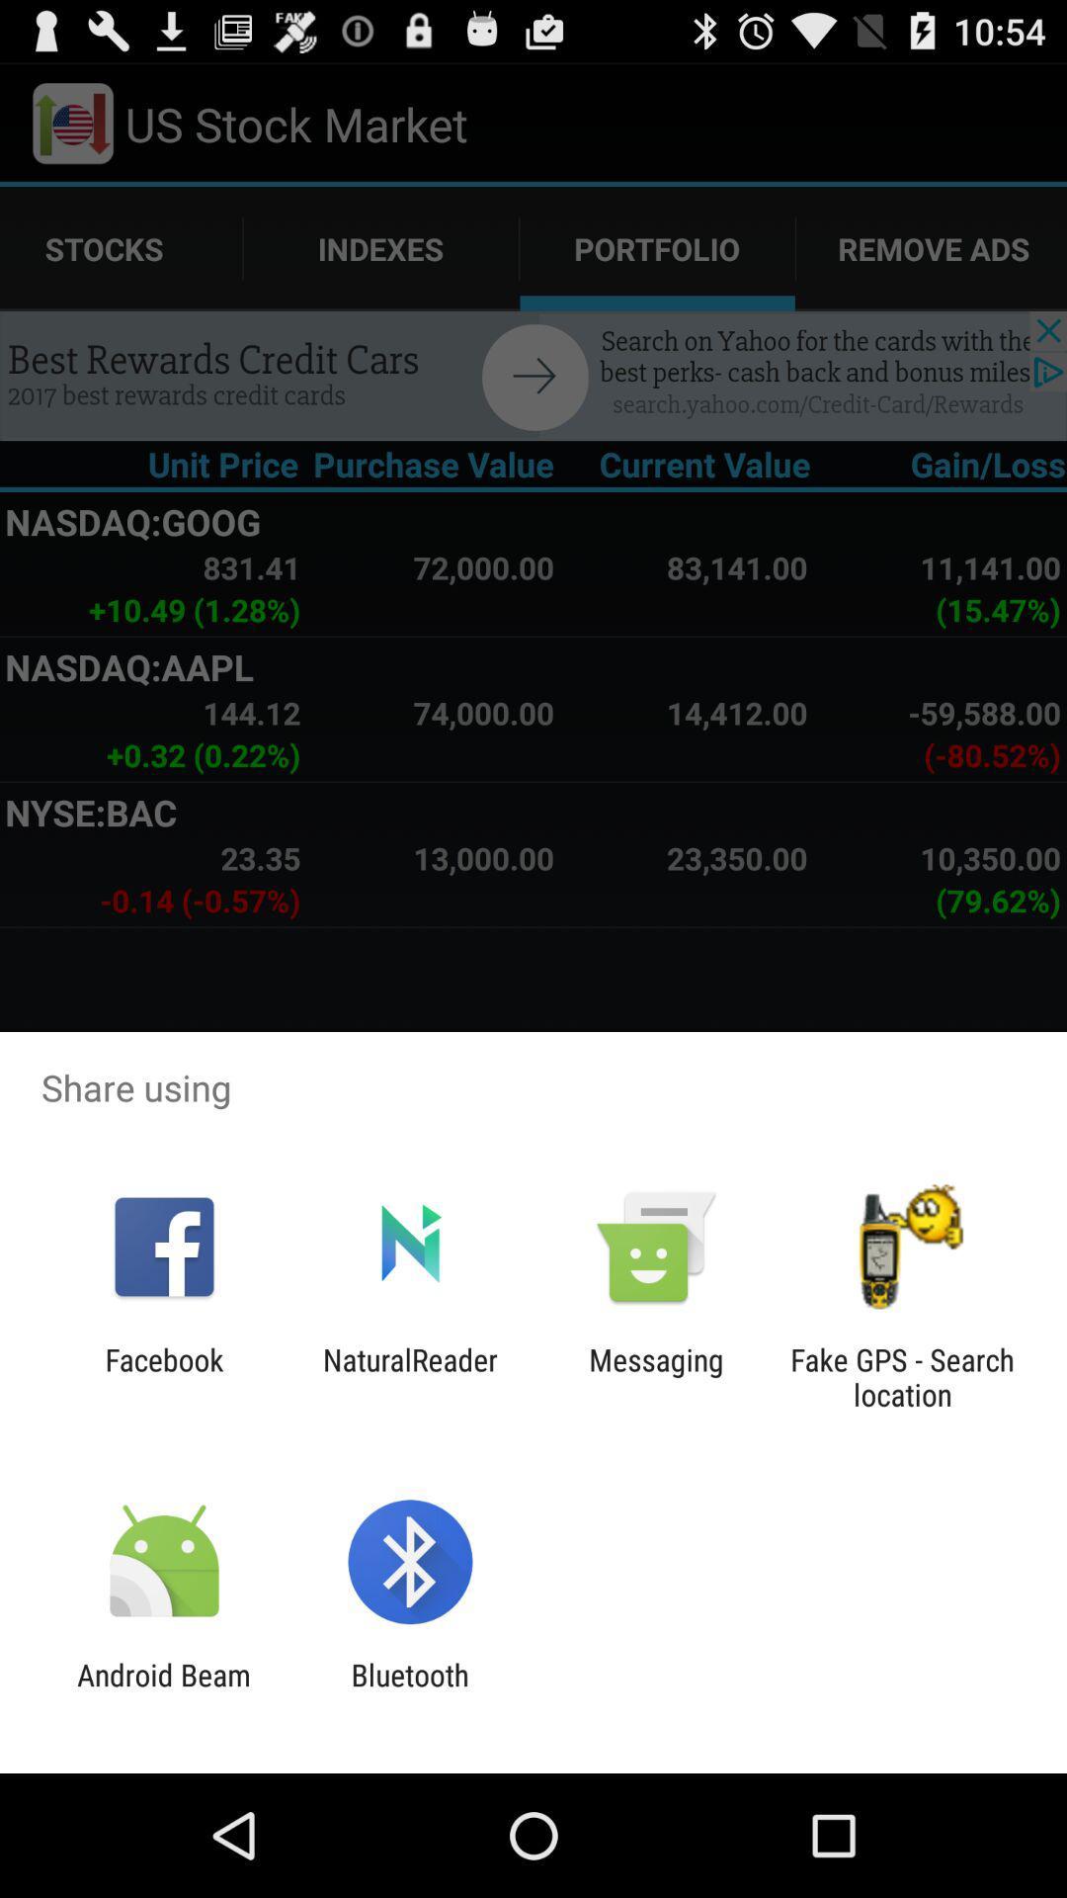  Describe the element at coordinates (409, 1691) in the screenshot. I see `the icon to the right of android beam` at that location.